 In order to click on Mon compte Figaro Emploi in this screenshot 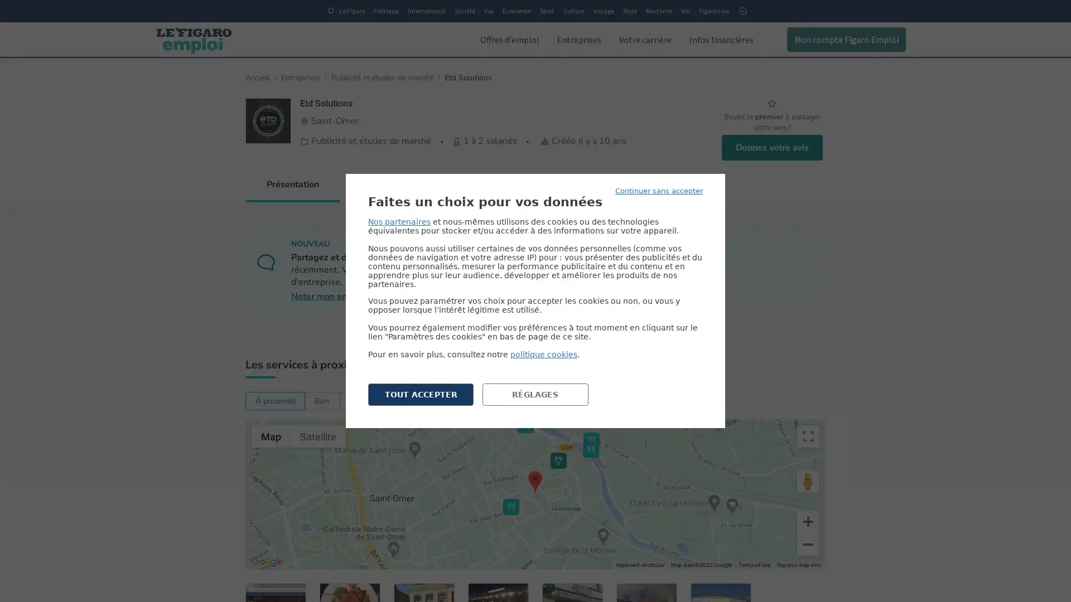, I will do `click(838, 38)`.